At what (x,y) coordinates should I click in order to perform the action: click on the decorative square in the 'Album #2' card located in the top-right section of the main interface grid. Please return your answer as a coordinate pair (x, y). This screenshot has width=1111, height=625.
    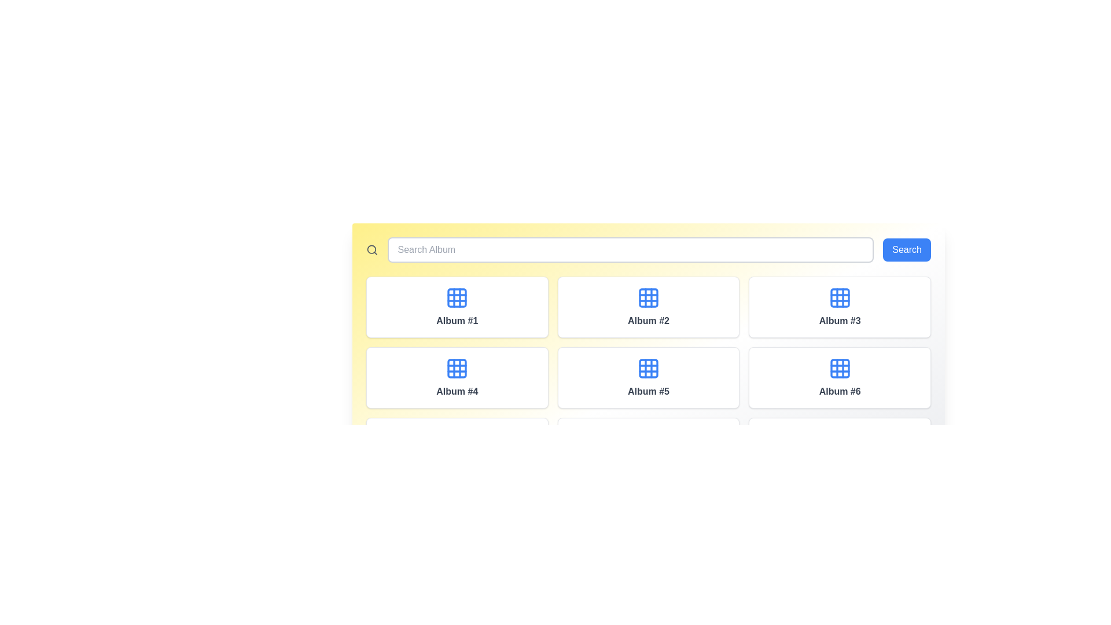
    Looking at the image, I should click on (648, 297).